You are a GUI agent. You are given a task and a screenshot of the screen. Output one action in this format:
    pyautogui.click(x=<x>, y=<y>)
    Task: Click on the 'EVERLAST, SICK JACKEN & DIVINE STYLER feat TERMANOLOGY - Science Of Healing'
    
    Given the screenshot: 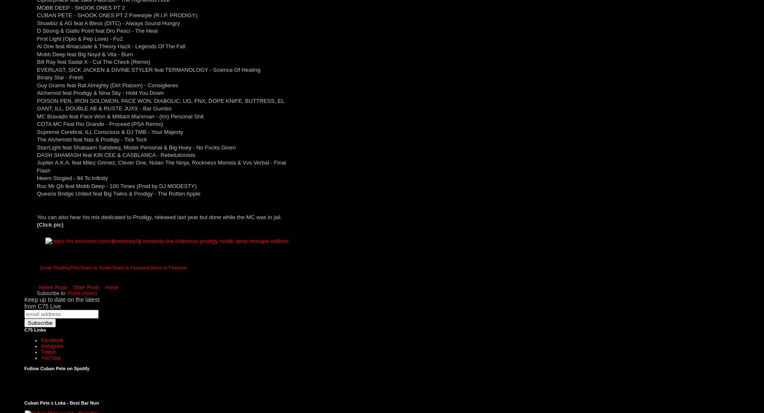 What is the action you would take?
    pyautogui.click(x=148, y=69)
    